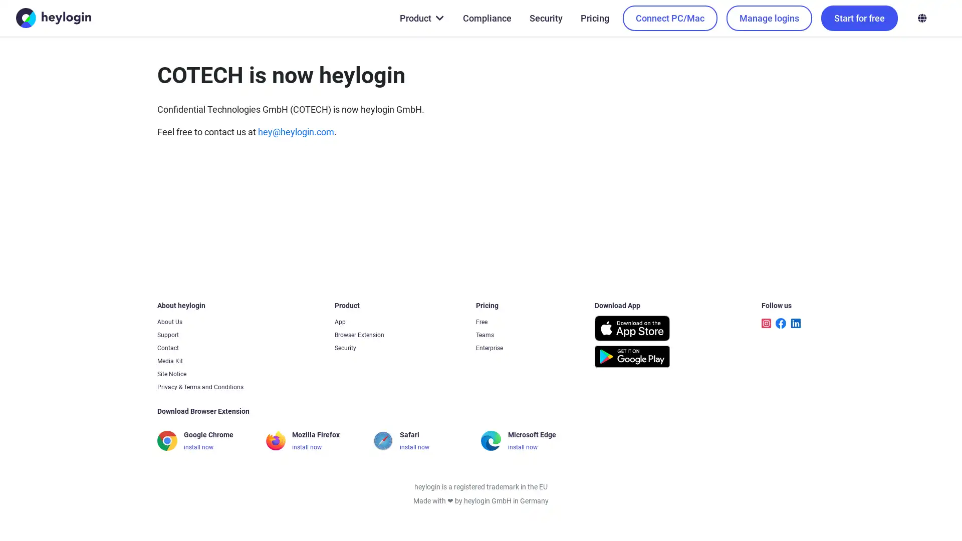 This screenshot has height=541, width=962. What do you see at coordinates (421, 18) in the screenshot?
I see `Product` at bounding box center [421, 18].